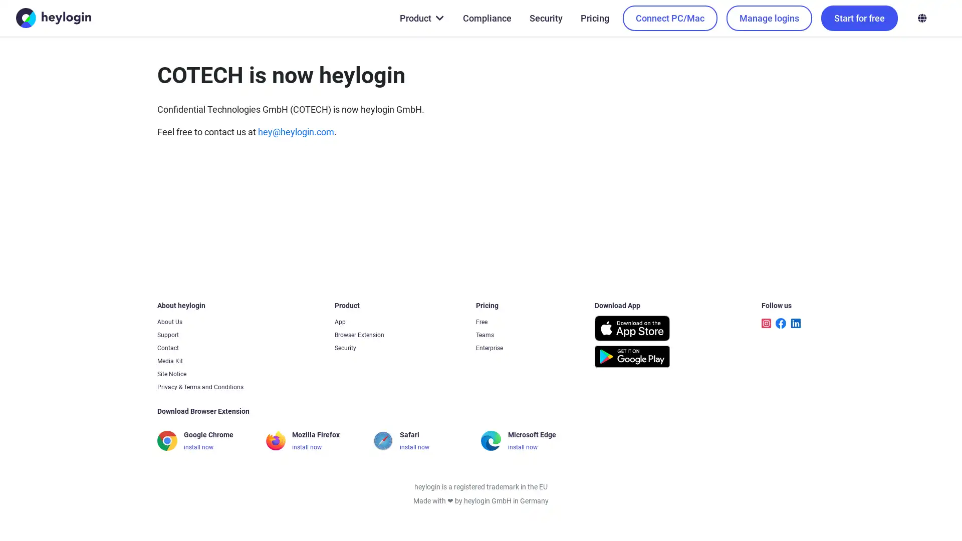 This screenshot has height=541, width=962. What do you see at coordinates (421, 18) in the screenshot?
I see `Product` at bounding box center [421, 18].